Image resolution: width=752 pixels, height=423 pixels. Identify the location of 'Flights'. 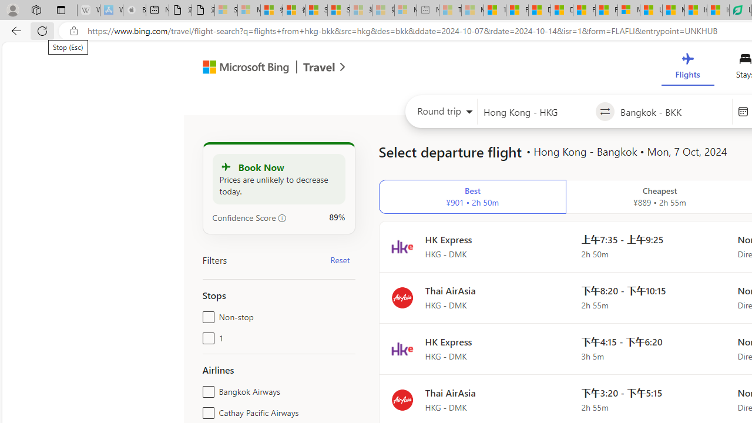
(687, 69).